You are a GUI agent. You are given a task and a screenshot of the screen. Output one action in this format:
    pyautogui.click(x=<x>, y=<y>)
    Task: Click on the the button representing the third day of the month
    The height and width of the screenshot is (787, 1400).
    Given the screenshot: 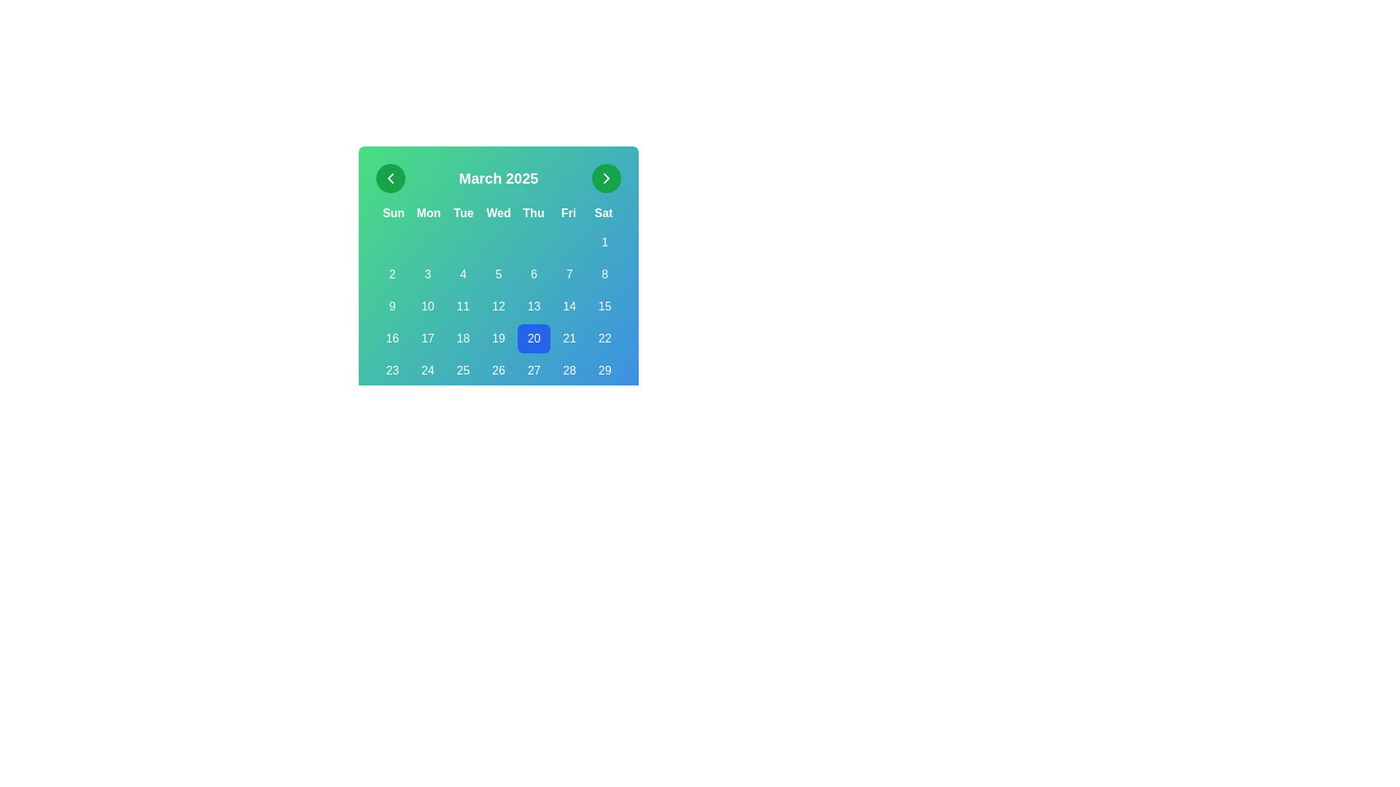 What is the action you would take?
    pyautogui.click(x=427, y=275)
    